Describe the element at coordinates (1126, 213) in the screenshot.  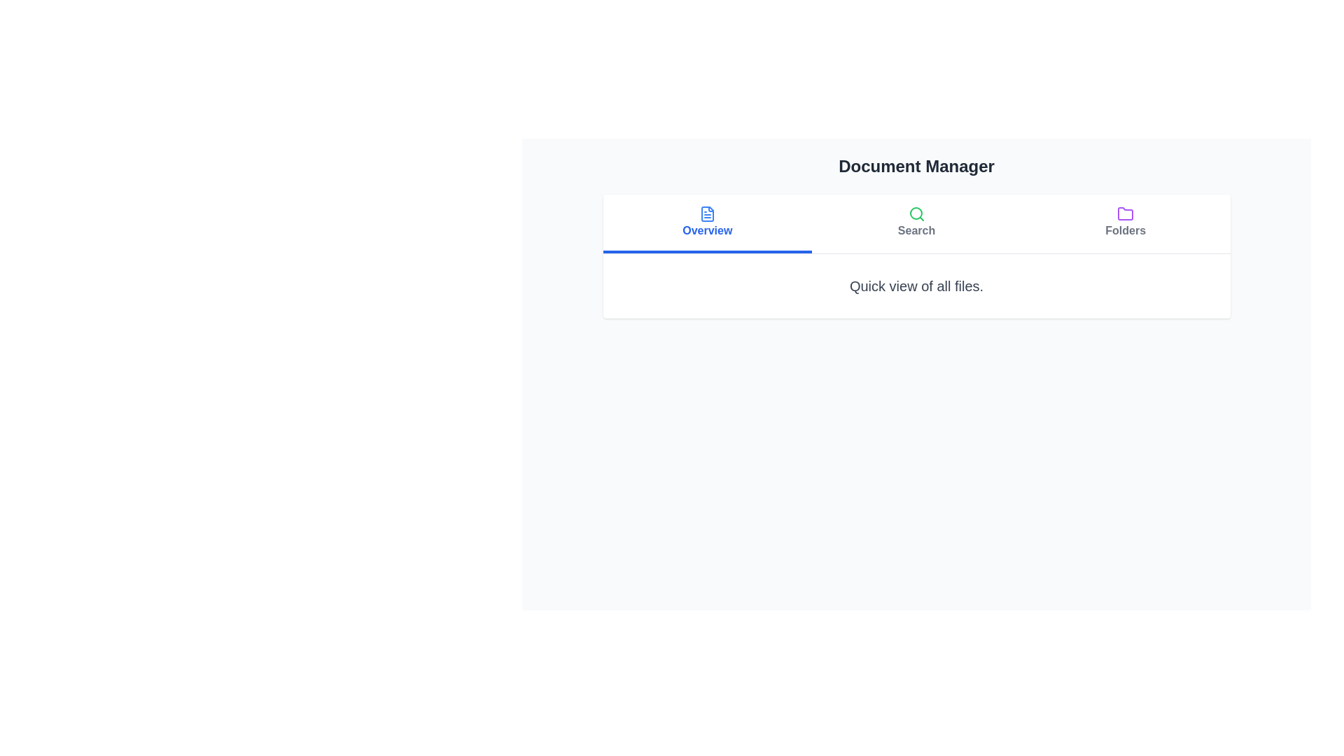
I see `the folder icon located to the right of the 'Folders' header` at that location.